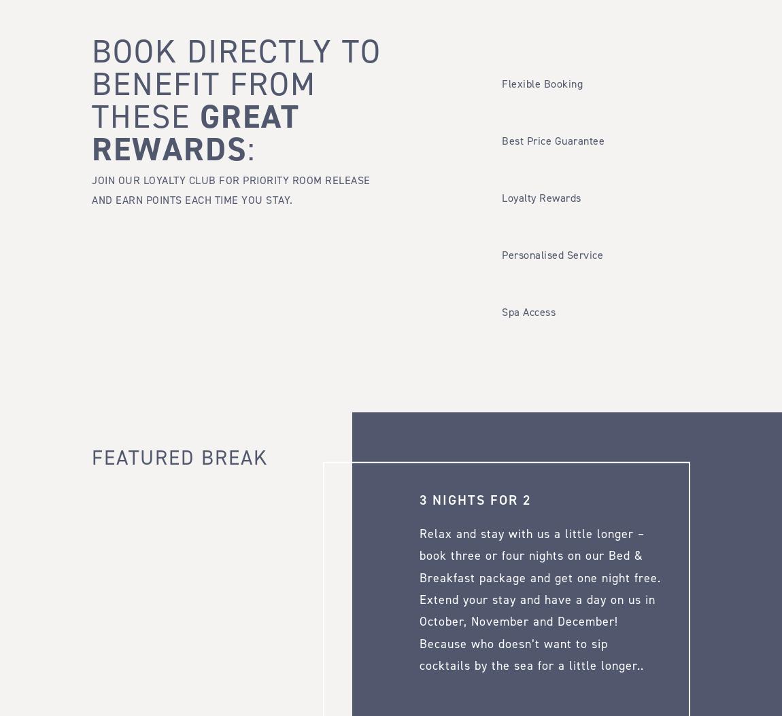 The image size is (782, 716). I want to click on 'Great Rewards', so click(194, 132).